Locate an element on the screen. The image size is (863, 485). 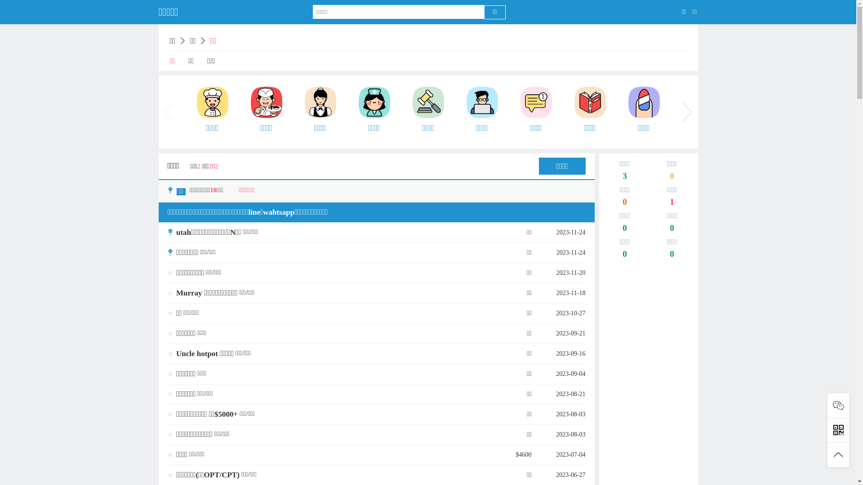
'0' is located at coordinates (624, 228).